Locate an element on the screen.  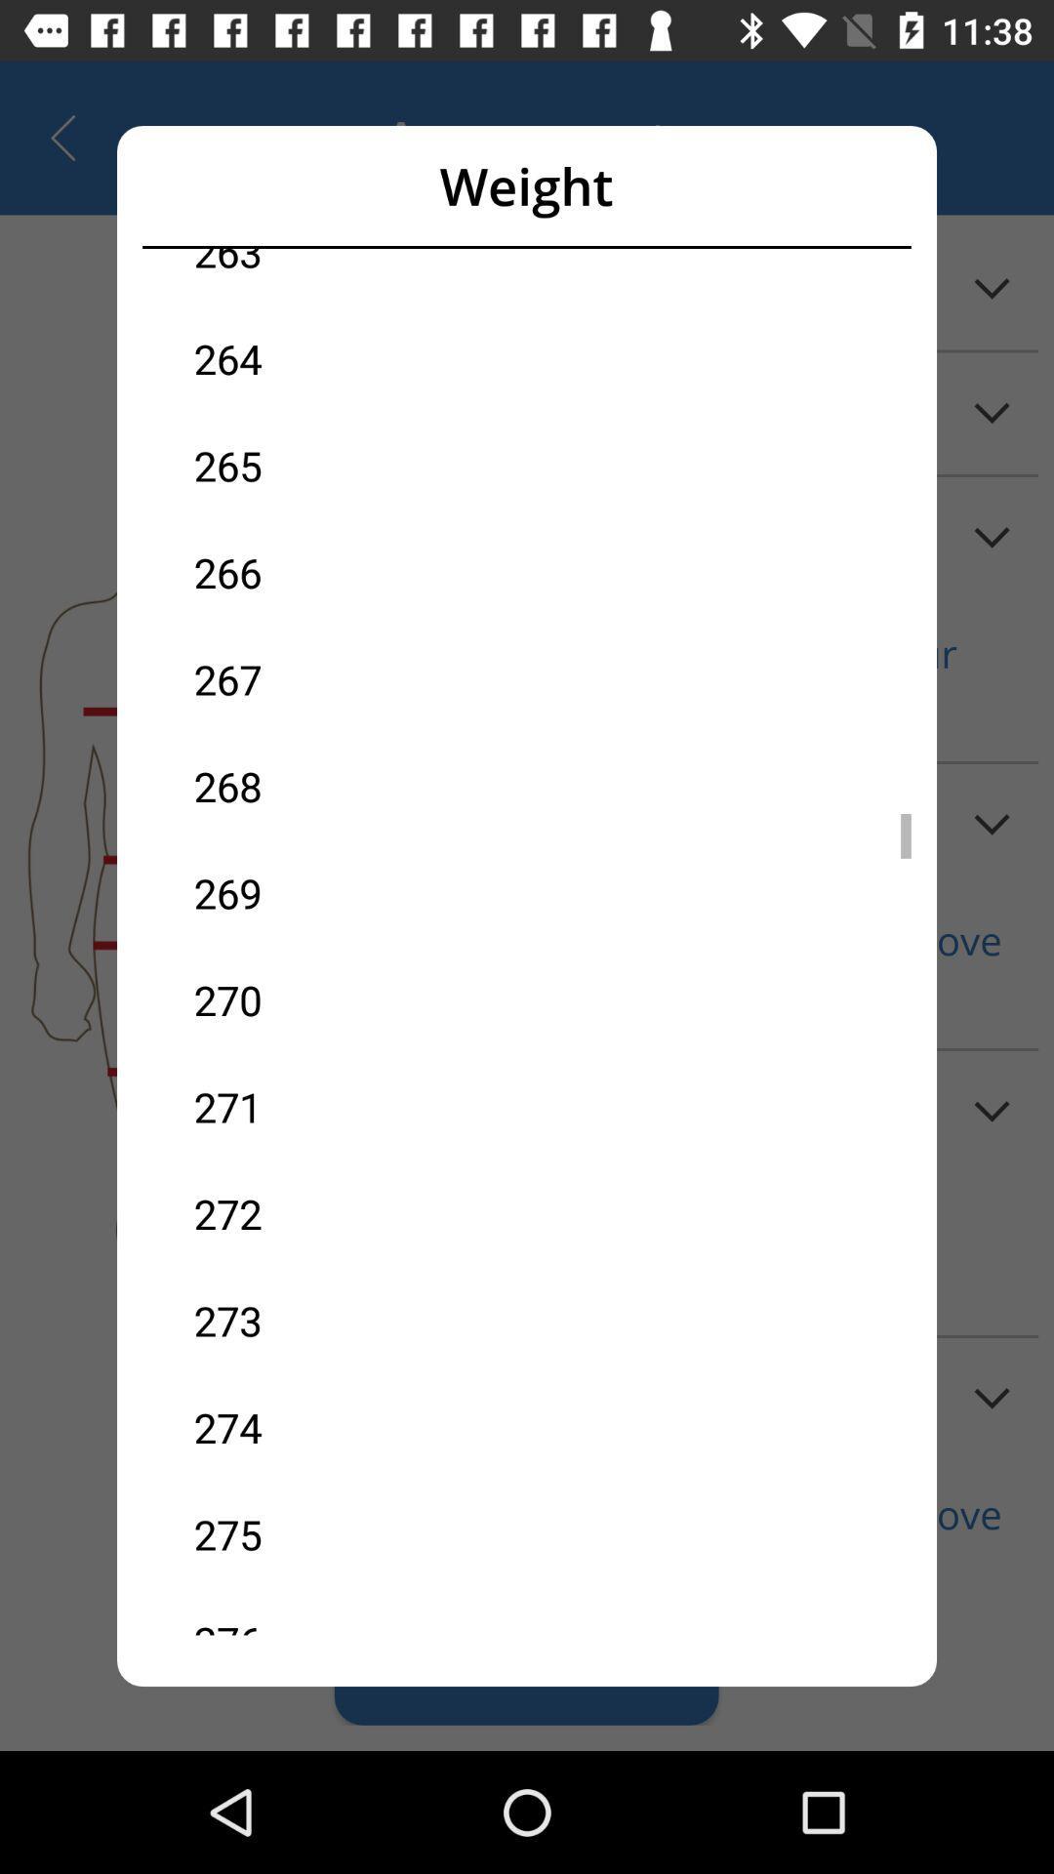
273 is located at coordinates (360, 1321).